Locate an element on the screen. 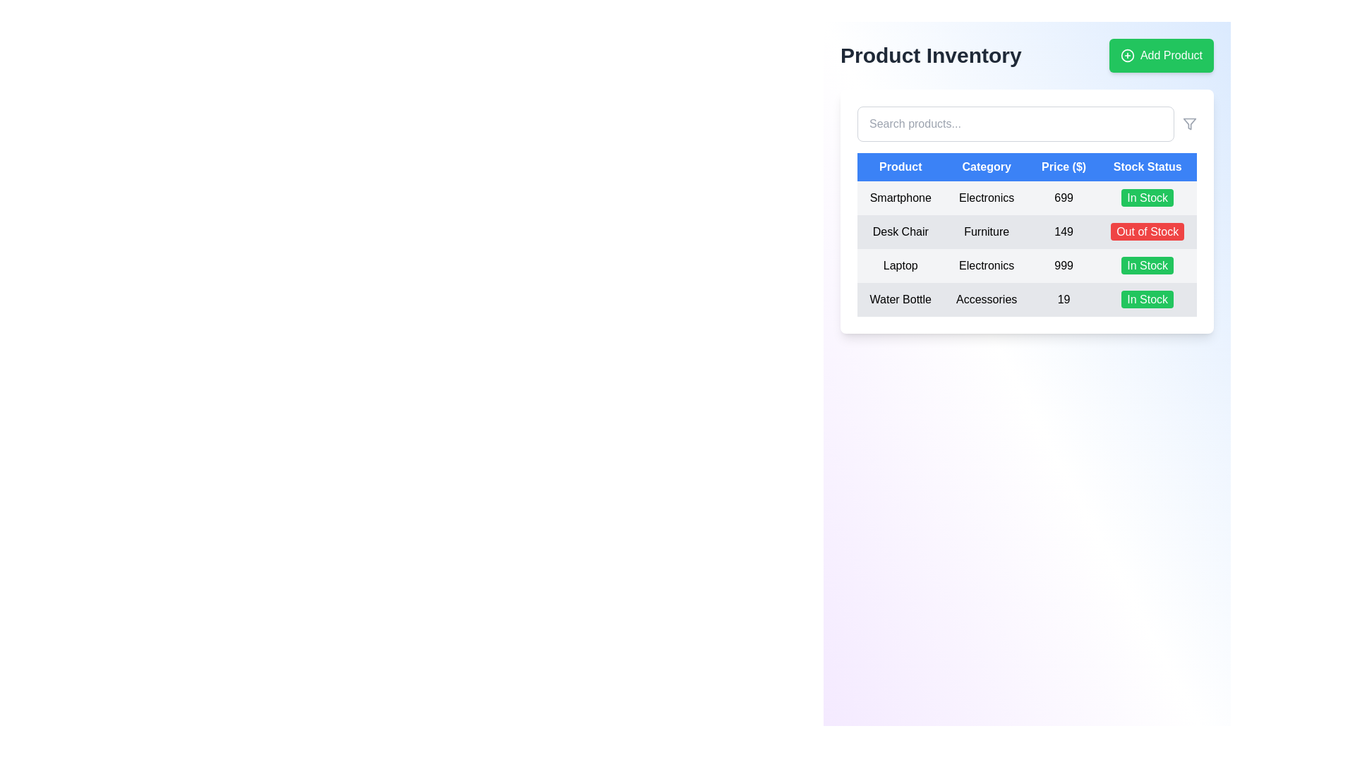 This screenshot has width=1355, height=762. the text input field for search products located in the center top of the page, identified by its placeholder text 'Search products...' is located at coordinates (1015, 123).